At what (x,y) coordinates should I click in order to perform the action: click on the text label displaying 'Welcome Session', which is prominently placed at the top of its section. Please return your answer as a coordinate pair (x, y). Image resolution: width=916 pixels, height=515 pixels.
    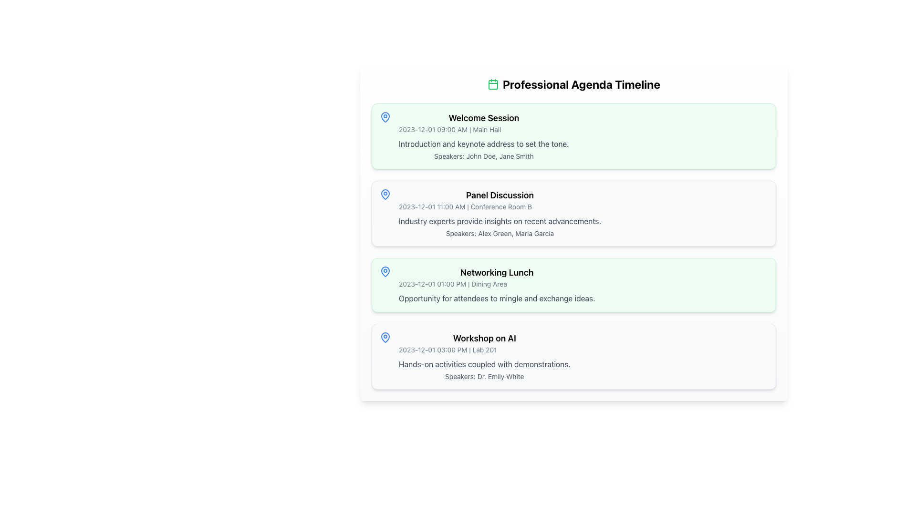
    Looking at the image, I should click on (484, 117).